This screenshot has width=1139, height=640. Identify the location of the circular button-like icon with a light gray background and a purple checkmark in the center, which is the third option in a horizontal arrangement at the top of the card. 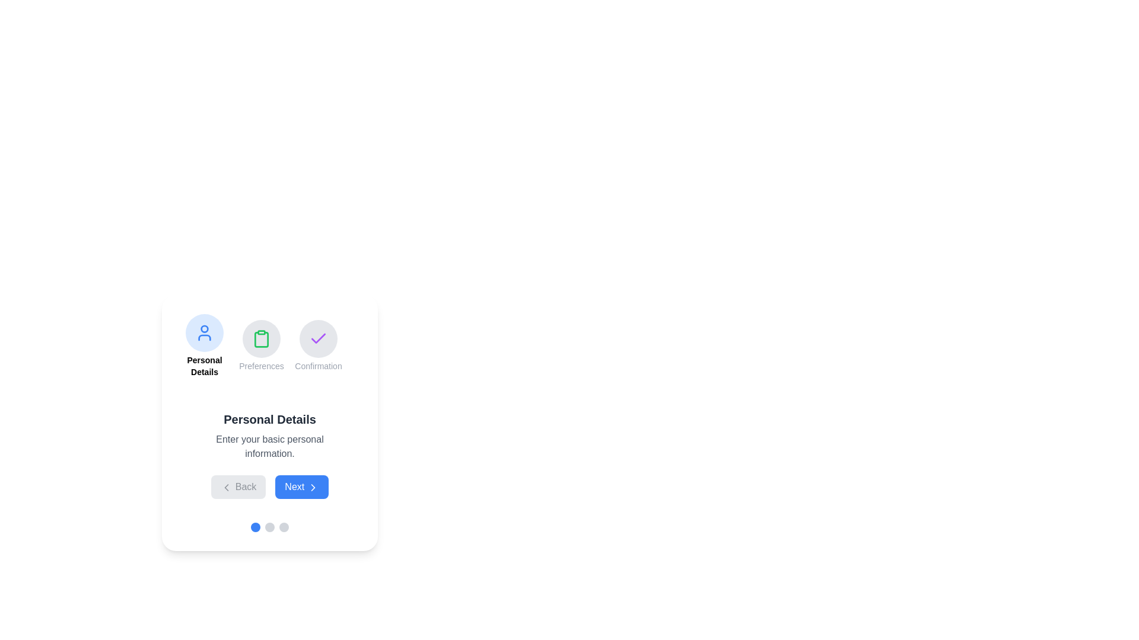
(319, 338).